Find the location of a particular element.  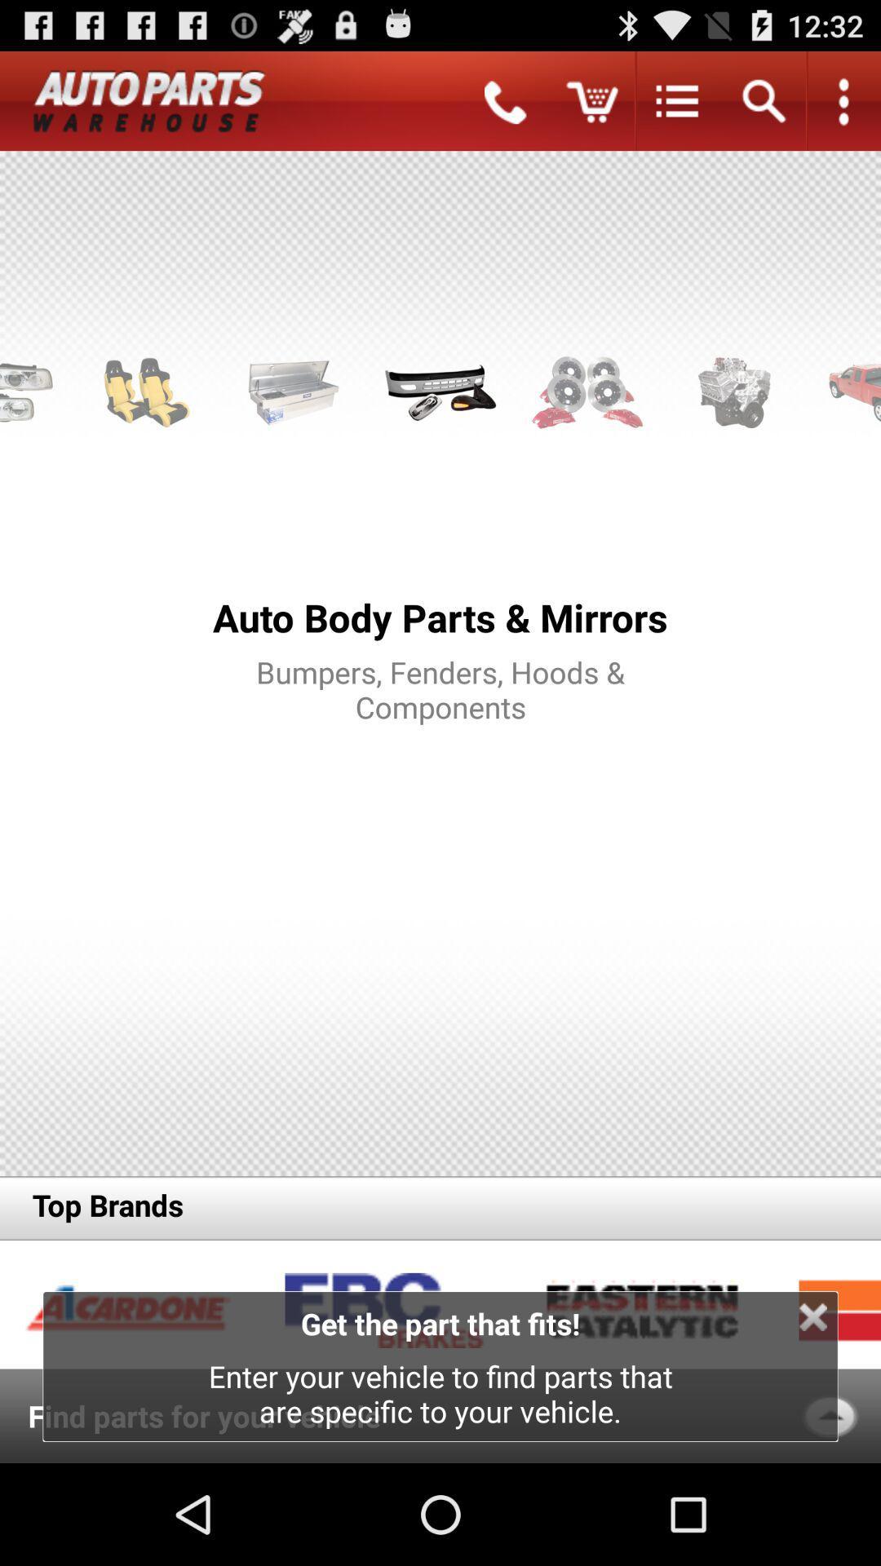

the close icon is located at coordinates (812, 1413).